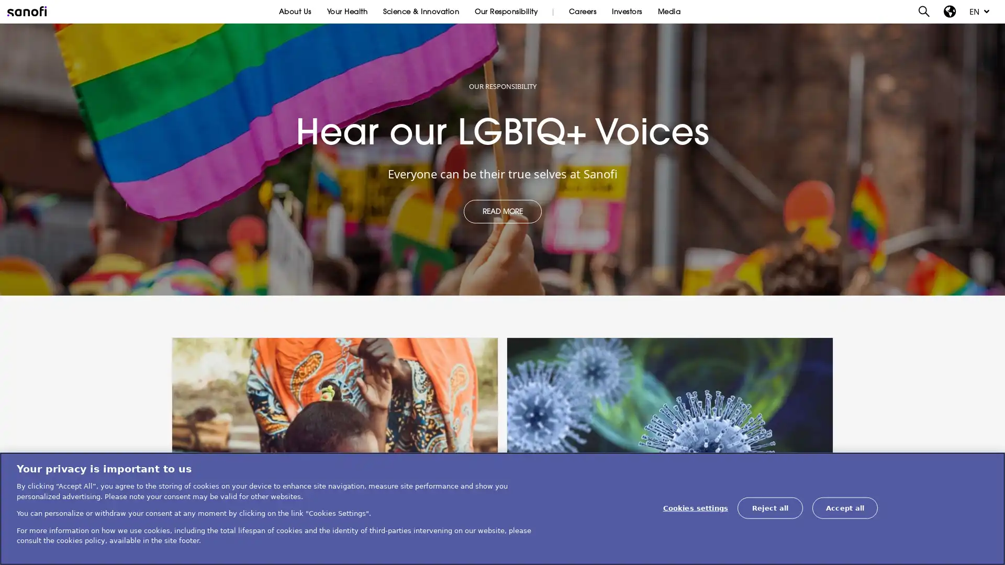  Describe the element at coordinates (770, 507) in the screenshot. I see `Reject all` at that location.